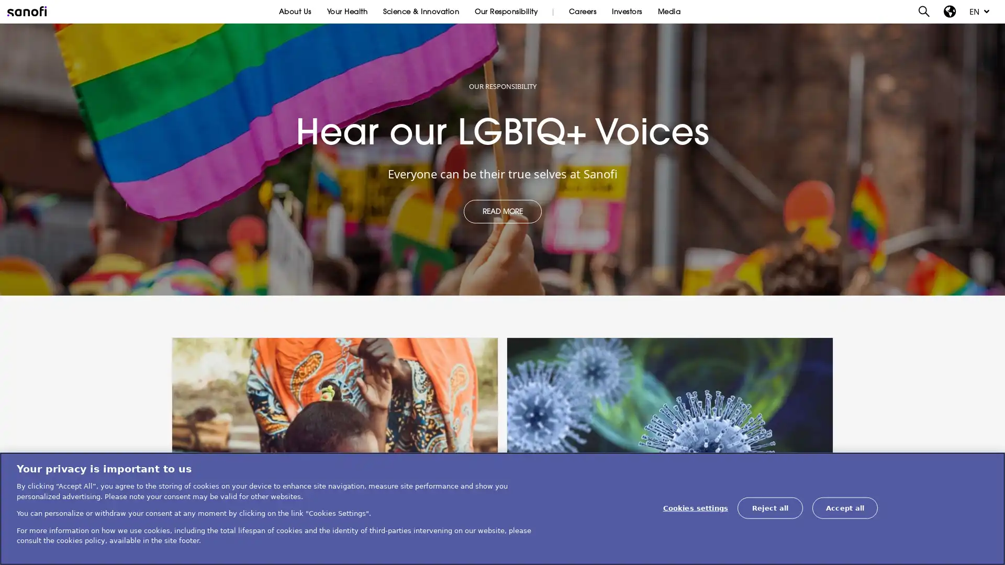  Describe the element at coordinates (770, 507) in the screenshot. I see `Reject all` at that location.